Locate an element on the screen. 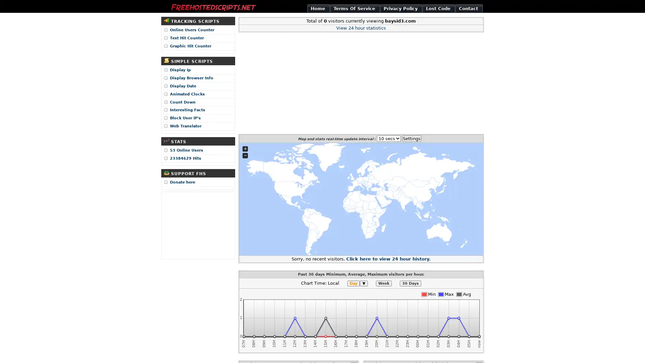 The image size is (645, 363). 30 Days is located at coordinates (410, 283).